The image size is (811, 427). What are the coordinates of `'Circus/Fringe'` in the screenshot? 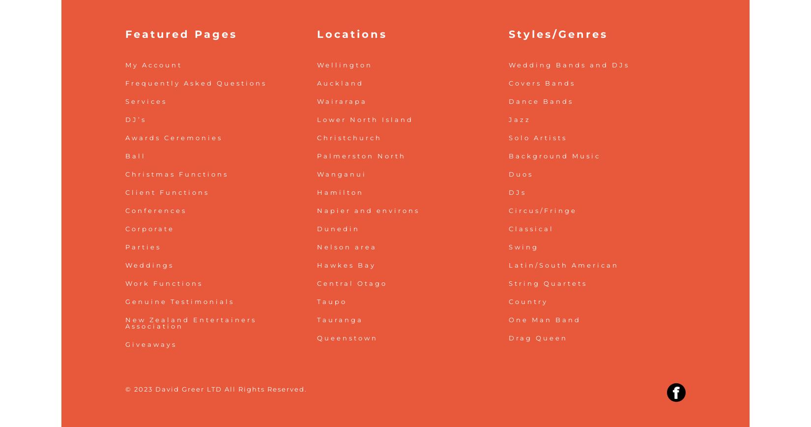 It's located at (543, 210).